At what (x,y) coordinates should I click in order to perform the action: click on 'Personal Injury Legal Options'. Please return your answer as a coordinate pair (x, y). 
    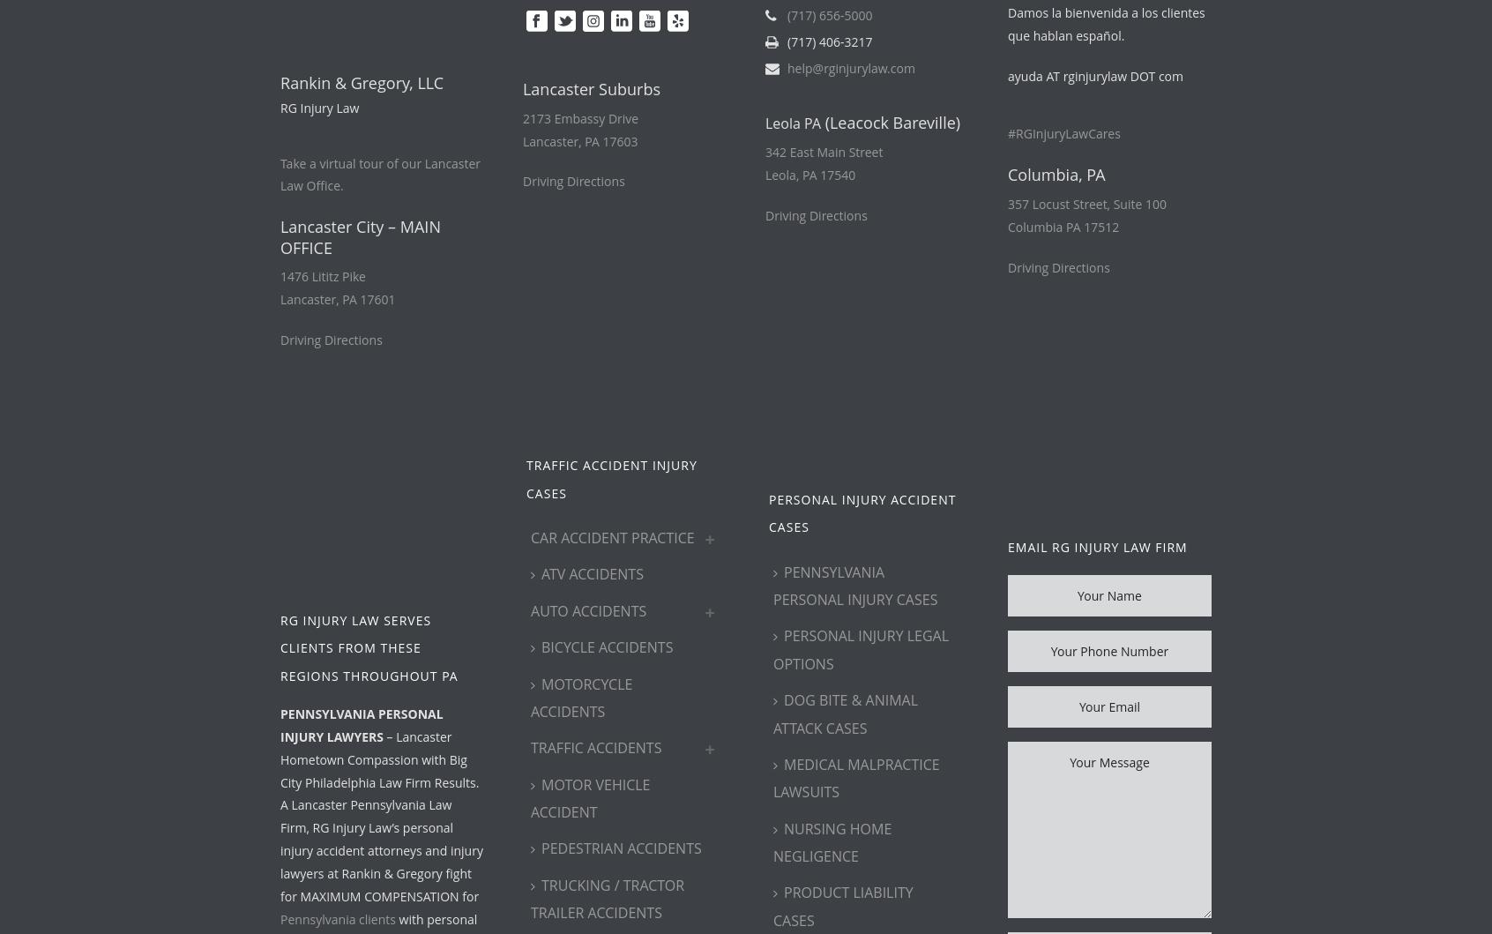
    Looking at the image, I should click on (861, 649).